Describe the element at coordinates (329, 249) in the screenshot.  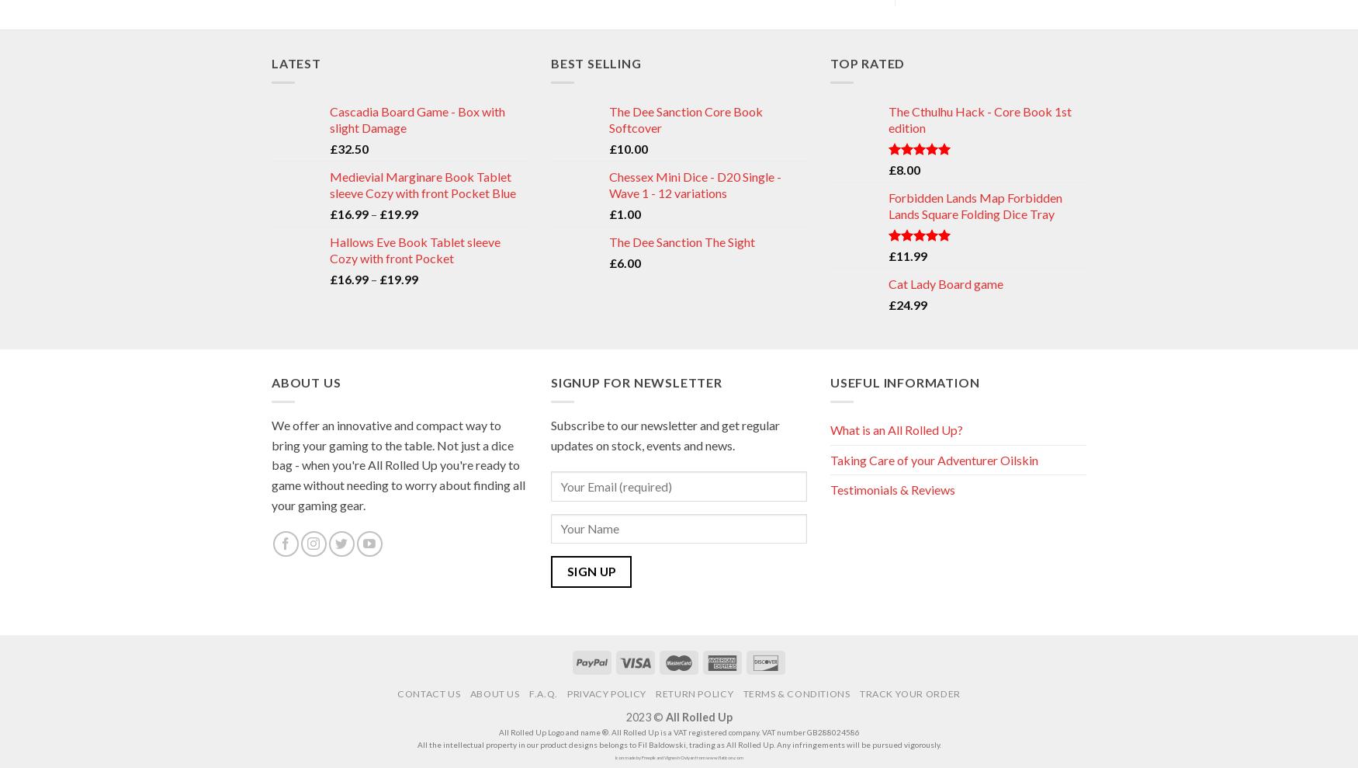
I see `'Hallows Eve Book Tablet sleeve Cozy with front Pocket'` at that location.